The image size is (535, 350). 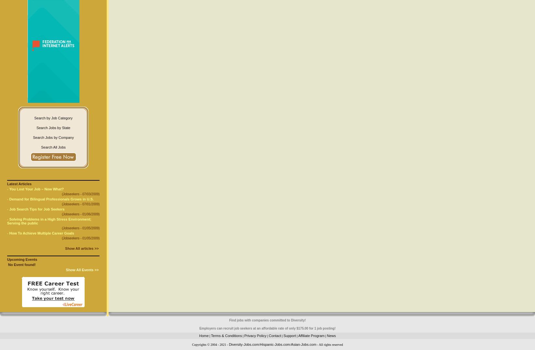 I want to click on 'Search 
                        All Jobs', so click(x=53, y=147).